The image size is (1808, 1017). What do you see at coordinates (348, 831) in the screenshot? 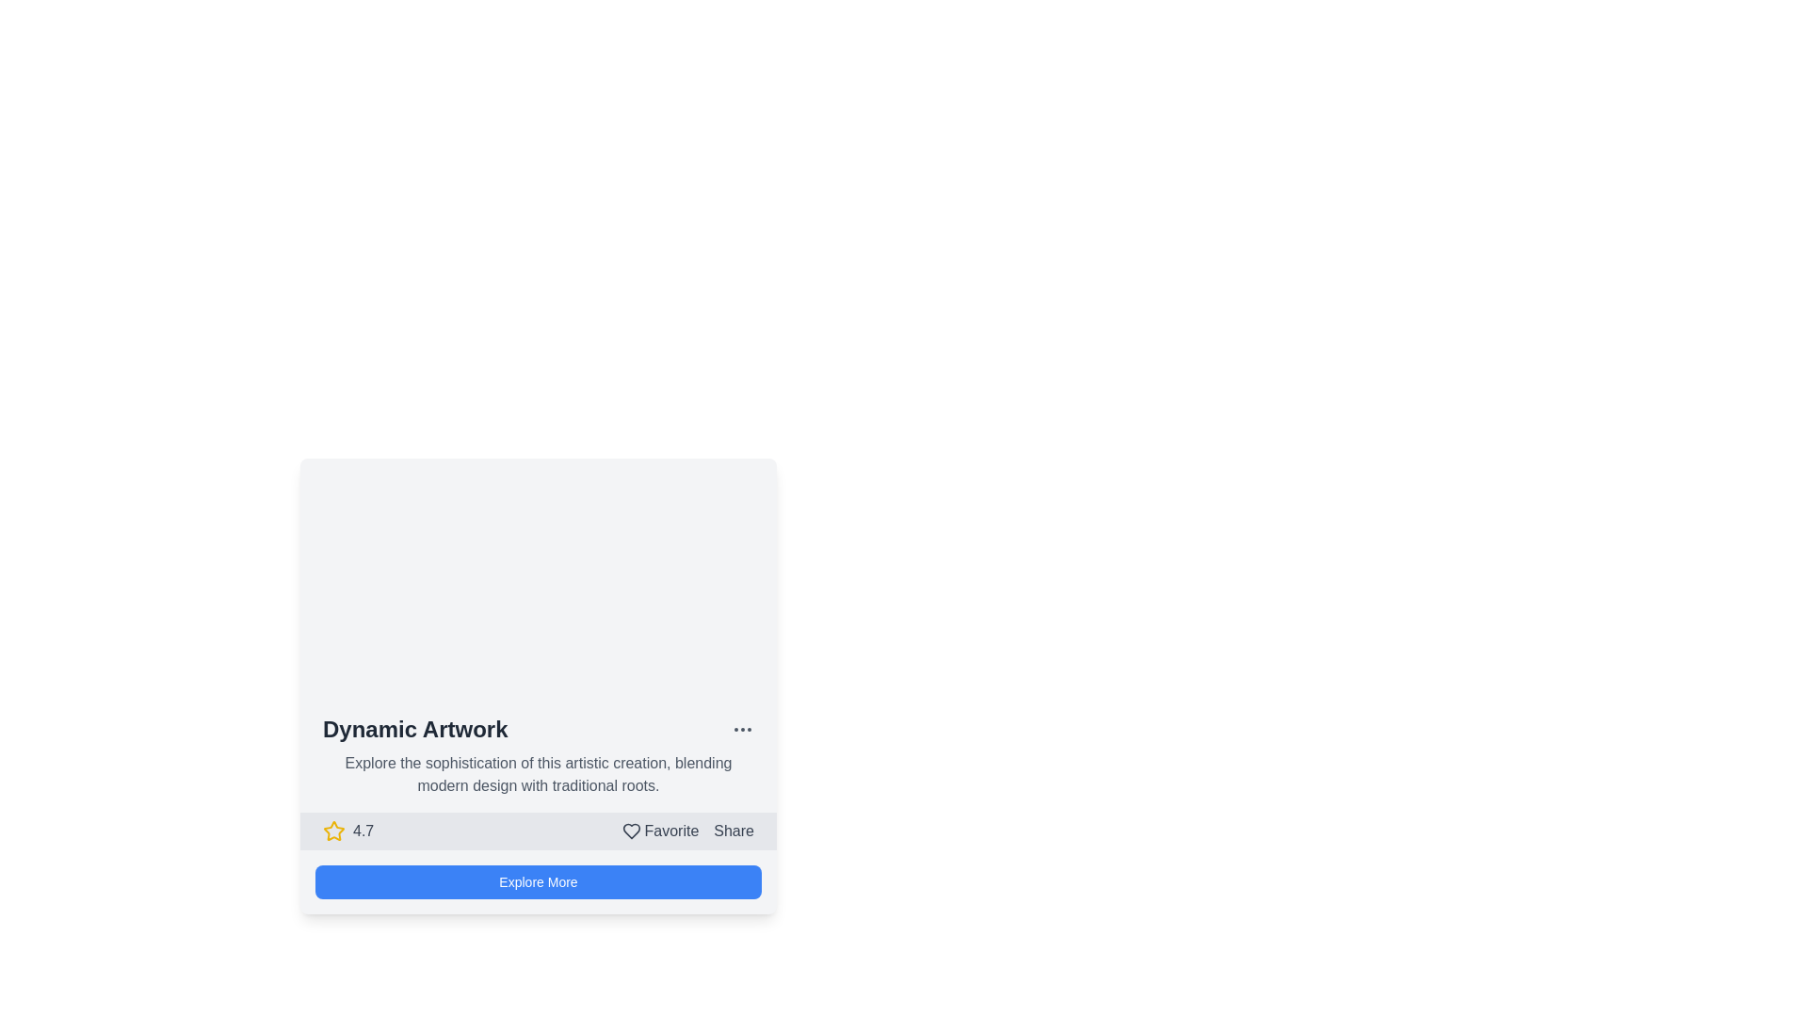
I see `the first element in the horizontal row of the card-like component that displays the rating score with a star icon, positioned to the left of the 'Favorite' and 'Share' actions` at bounding box center [348, 831].